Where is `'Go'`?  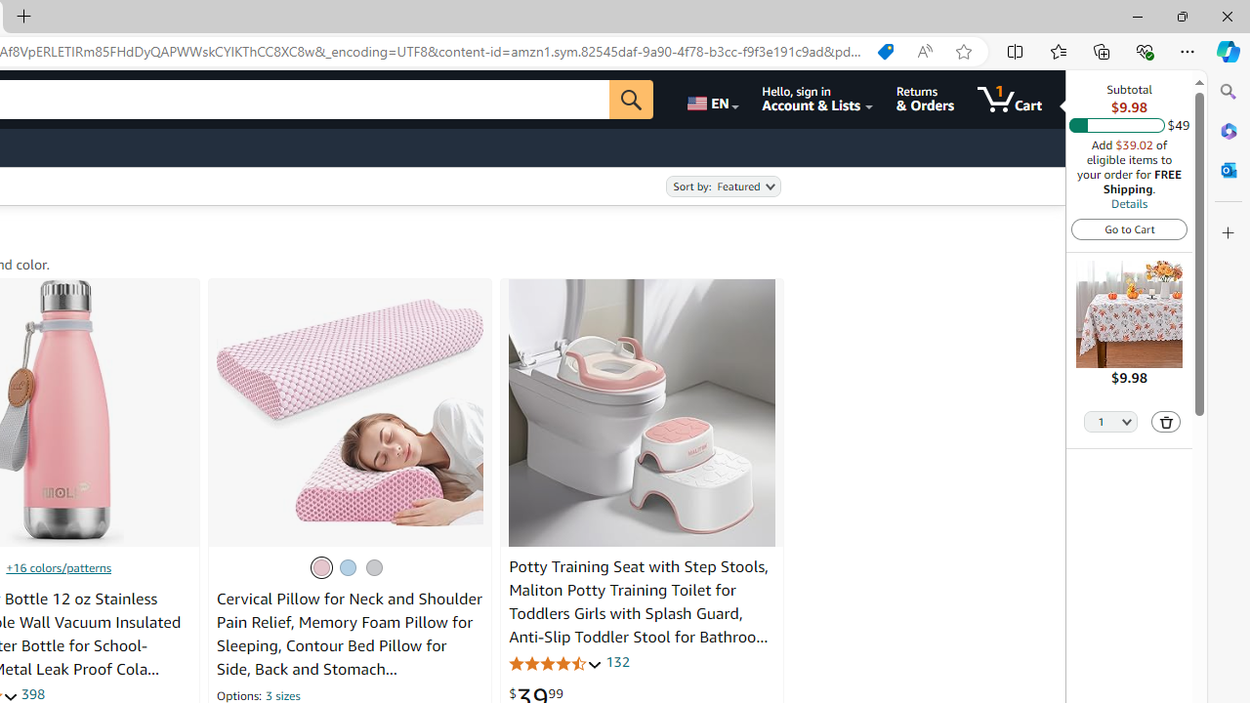
'Go' is located at coordinates (632, 99).